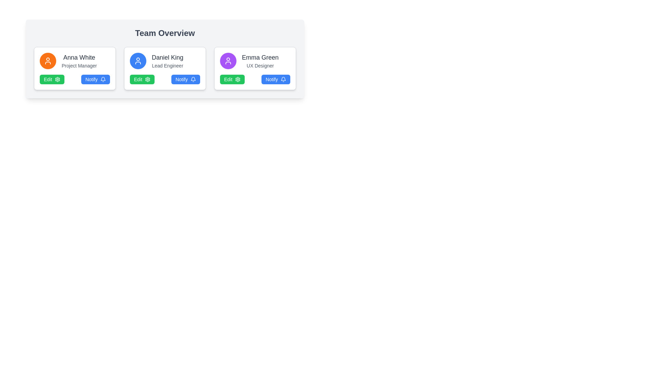 This screenshot has width=658, height=370. I want to click on the 'Edit' text label in the button located in the second card under the profile of 'Daniel King, Lead Engineer', so click(138, 79).